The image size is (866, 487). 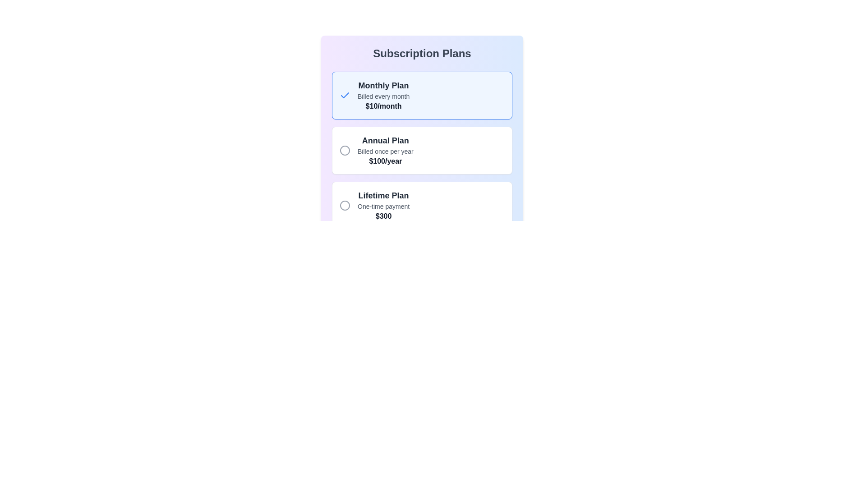 What do you see at coordinates (422, 123) in the screenshot?
I see `an option in the vertically oriented list of subscription plans, which is centrally aligned and highlighted with a blue border` at bounding box center [422, 123].